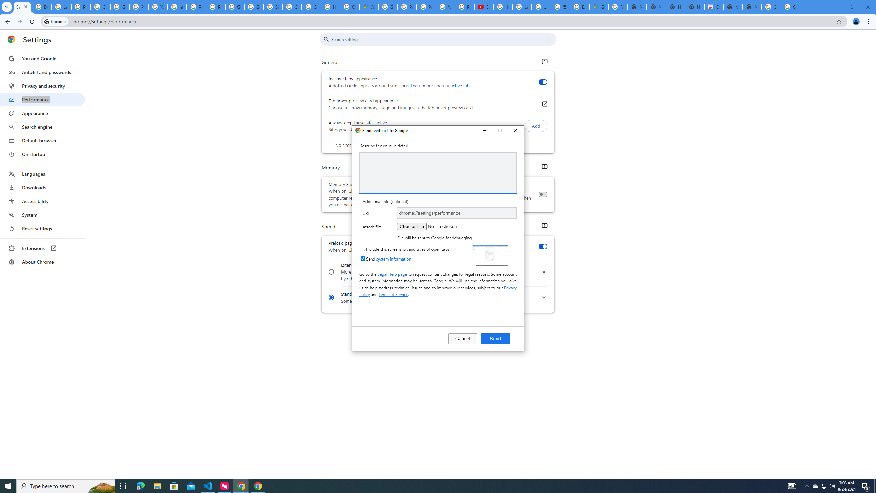  Describe the element at coordinates (42, 127) in the screenshot. I see `'Search engine'` at that location.